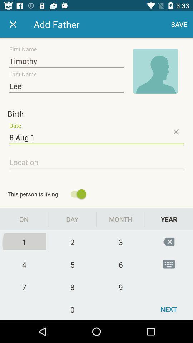  I want to click on photo, so click(155, 71).